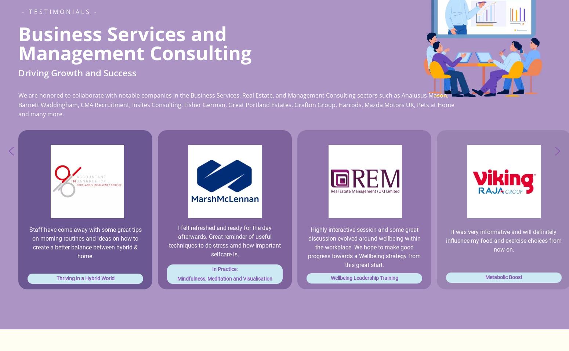 This screenshot has height=351, width=569. What do you see at coordinates (169, 240) in the screenshot?
I see `'I felt refreshed and ready for the day afterwards. Great reminder of useful techniques to de-stress amd how important selfcare is.'` at bounding box center [169, 240].